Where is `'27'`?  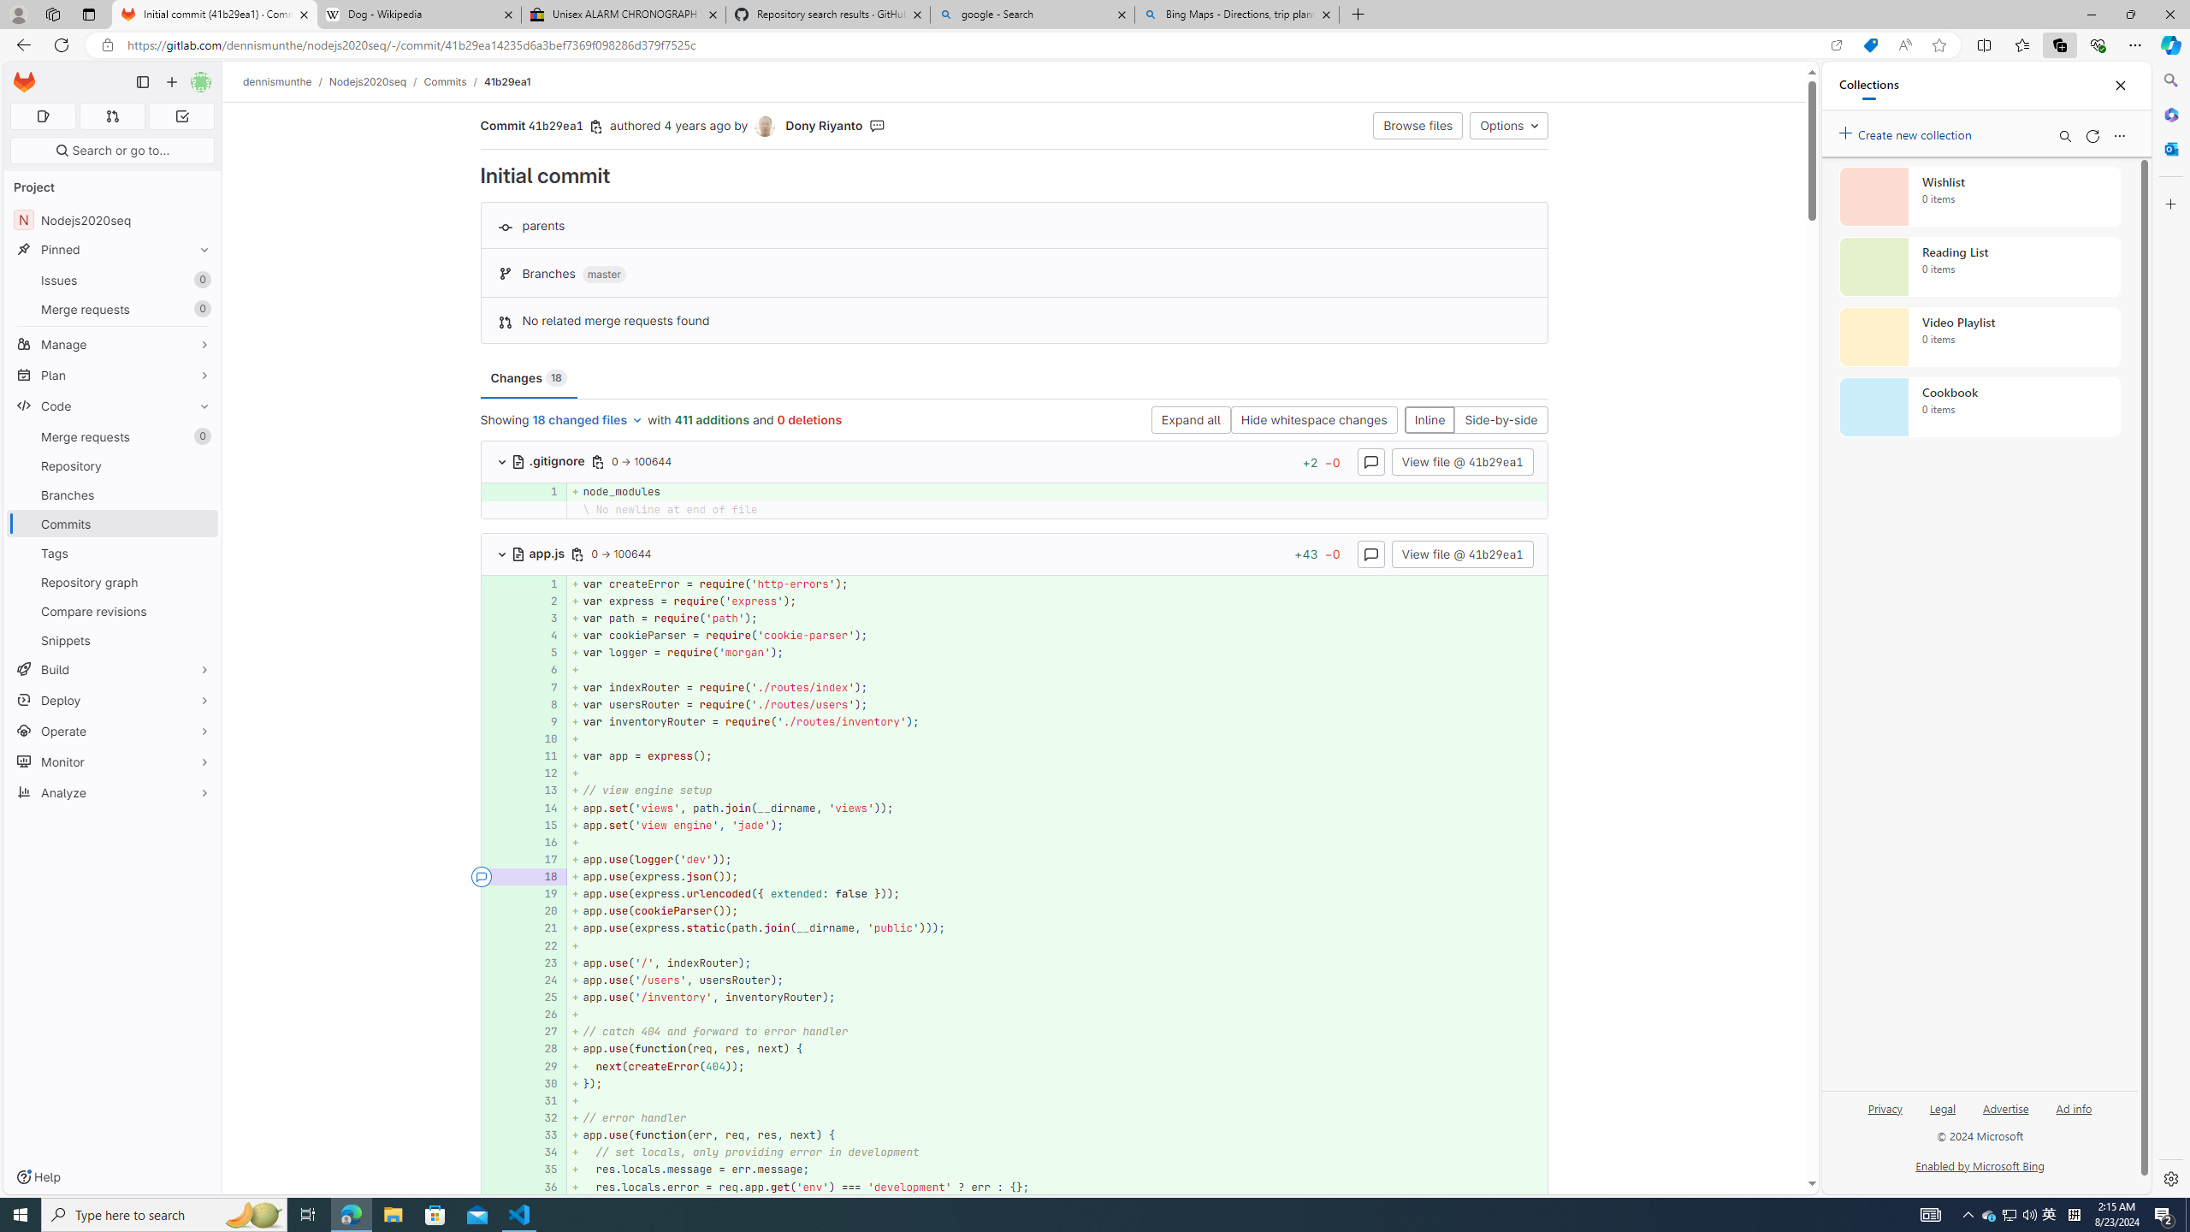 '27' is located at coordinates (544, 1032).